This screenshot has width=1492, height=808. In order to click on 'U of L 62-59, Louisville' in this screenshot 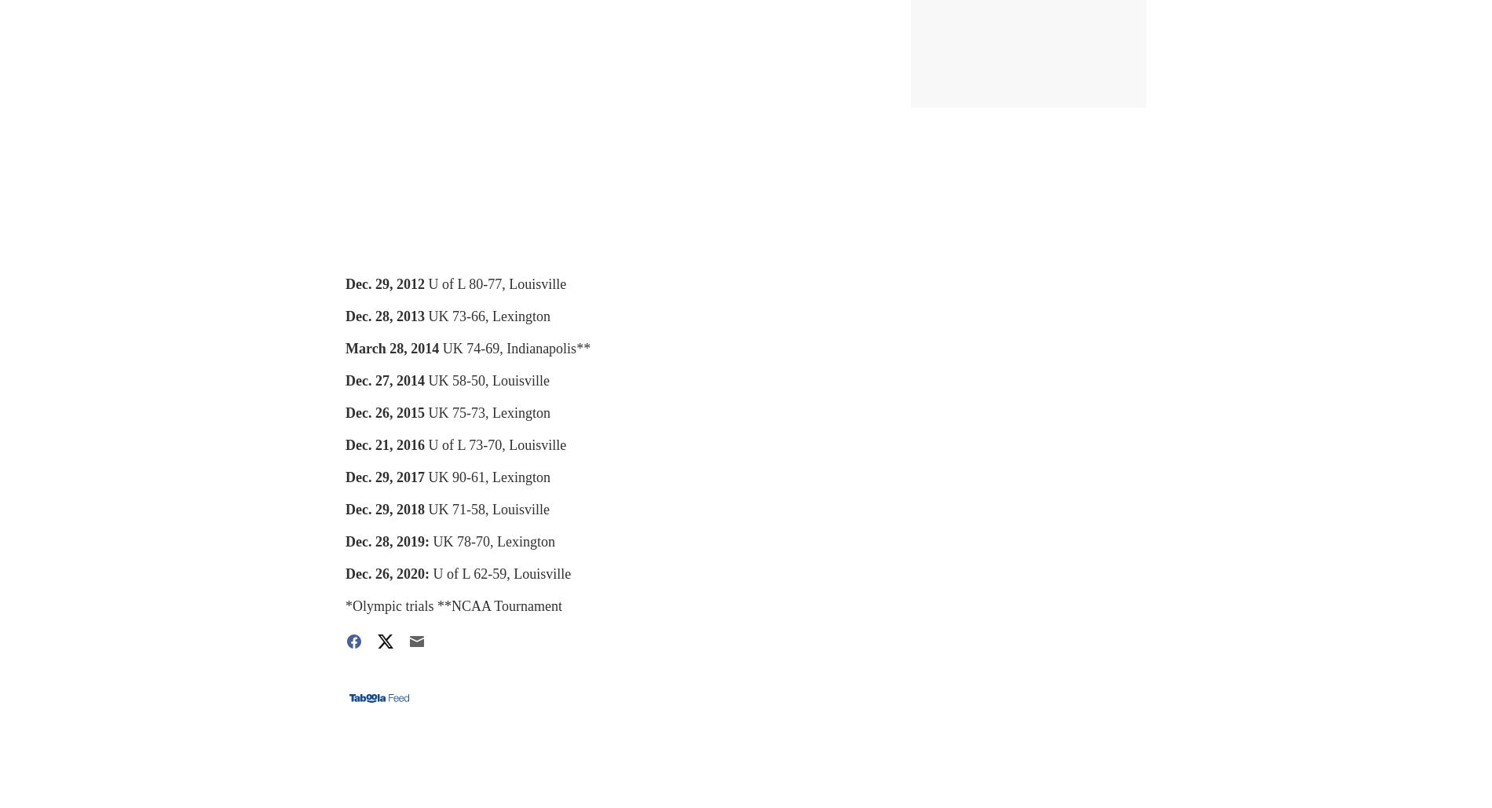, I will do `click(433, 573)`.